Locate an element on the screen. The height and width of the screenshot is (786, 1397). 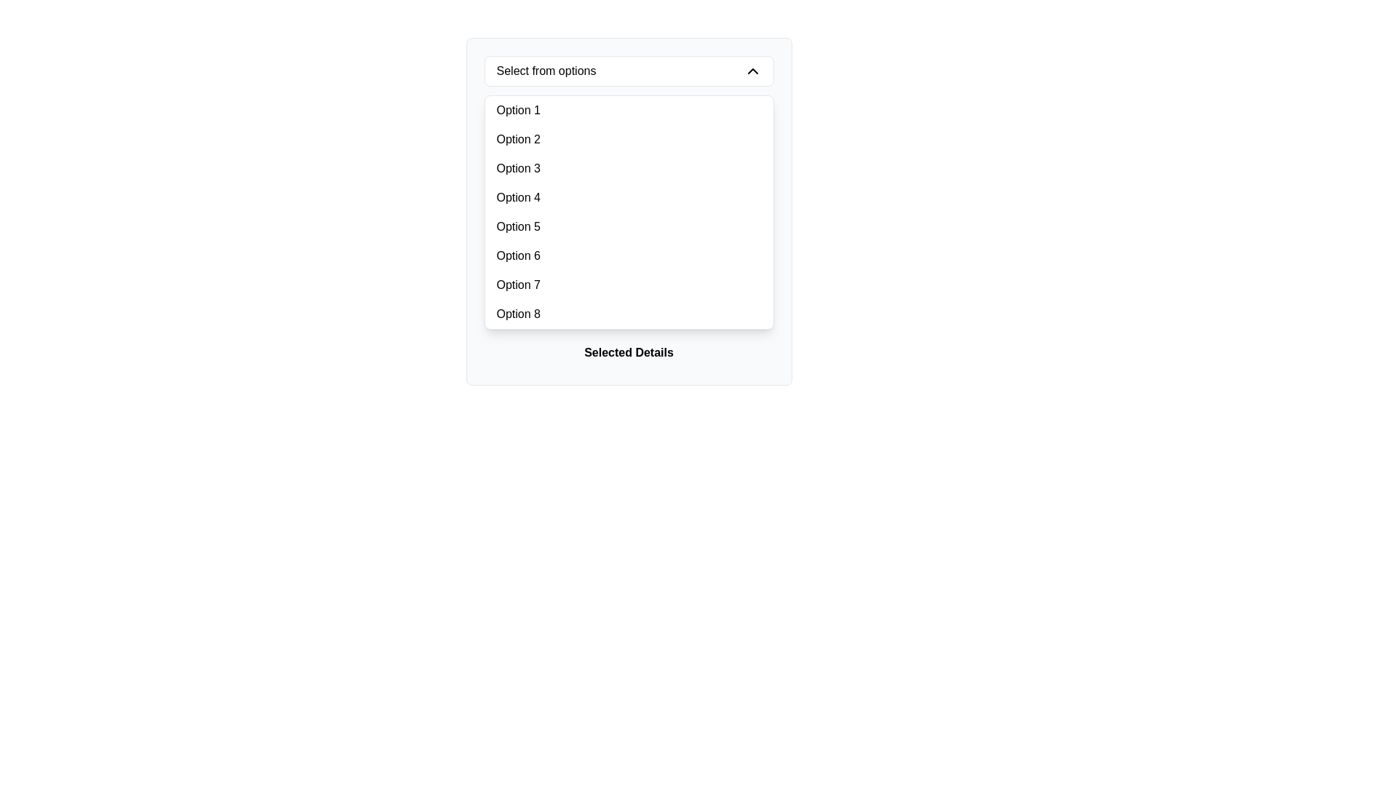
the fifth option in the dropdown menu is located at coordinates (518, 227).